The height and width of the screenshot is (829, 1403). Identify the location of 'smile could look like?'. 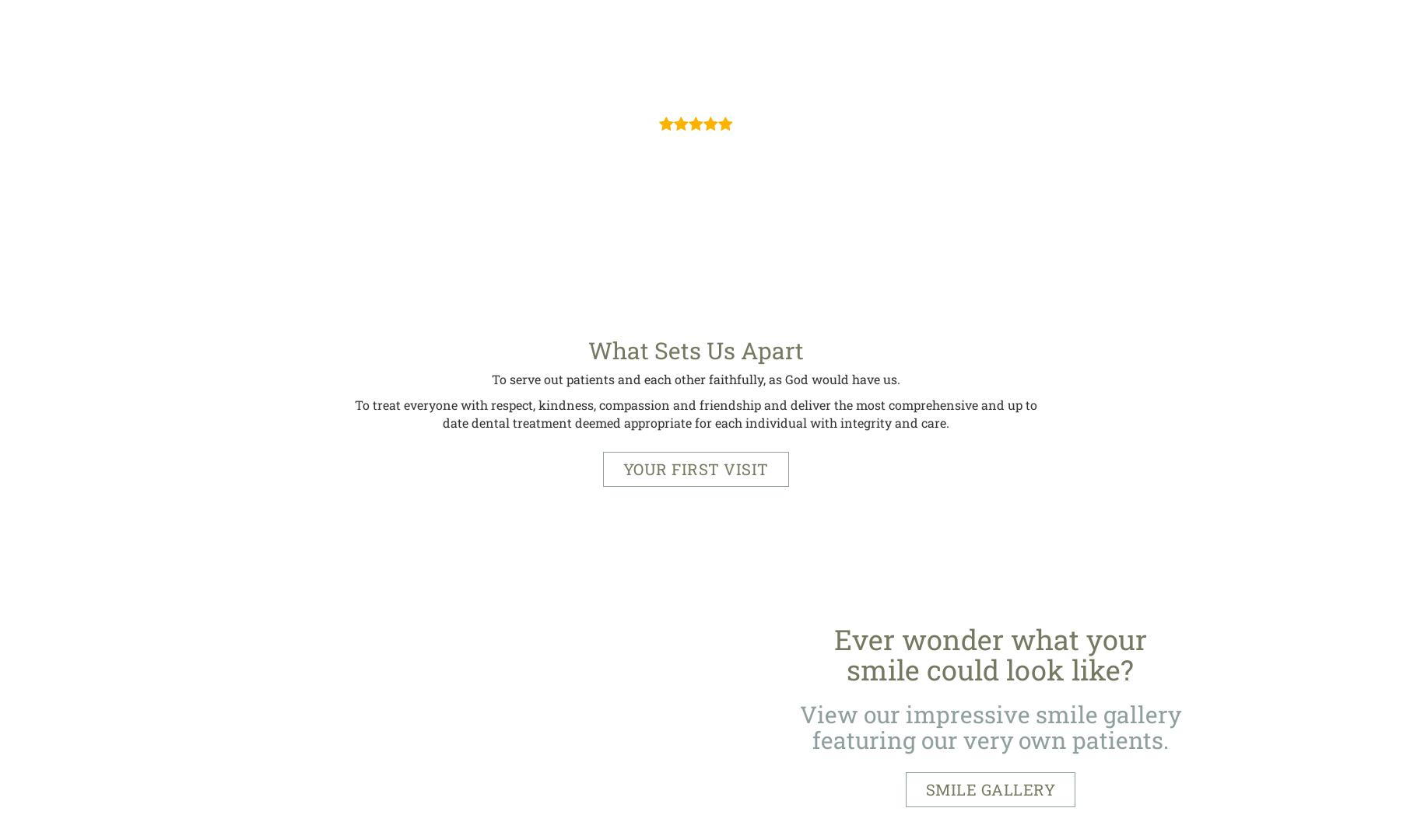
(990, 670).